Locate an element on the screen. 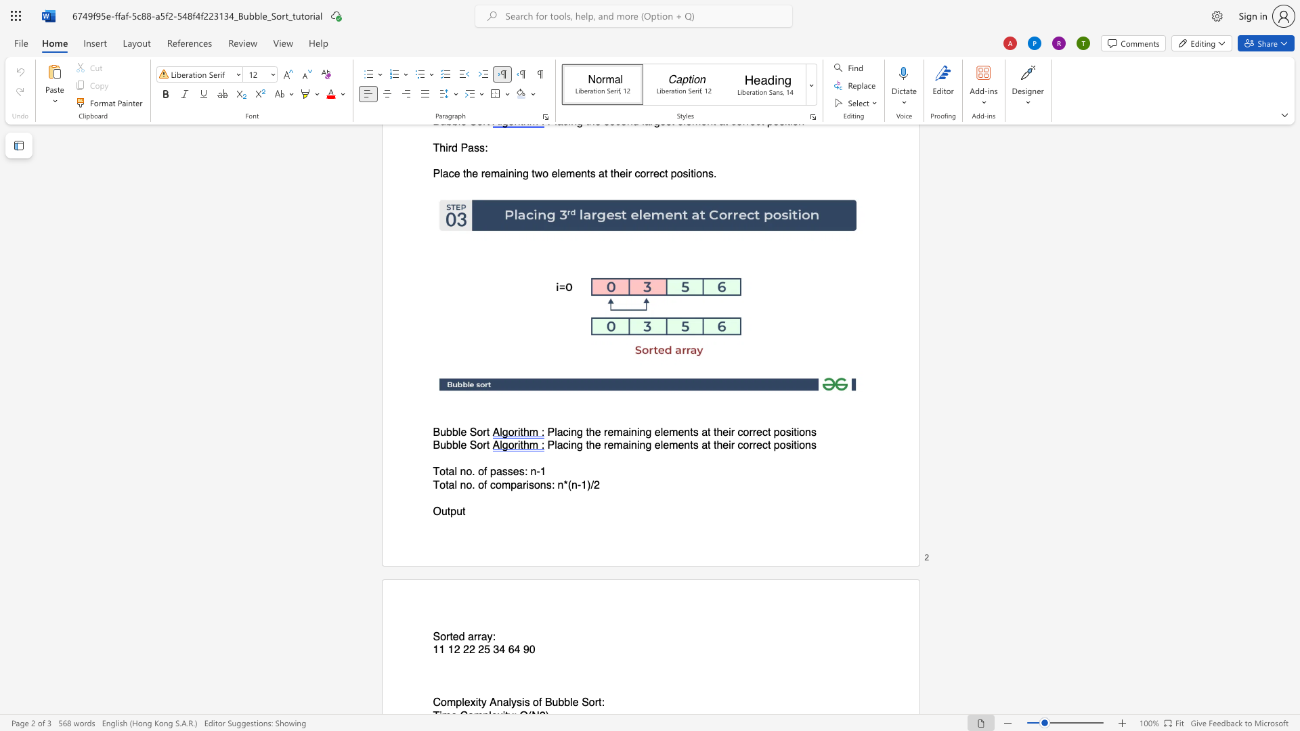  the 1th character "r" in the text is located at coordinates (484, 445).